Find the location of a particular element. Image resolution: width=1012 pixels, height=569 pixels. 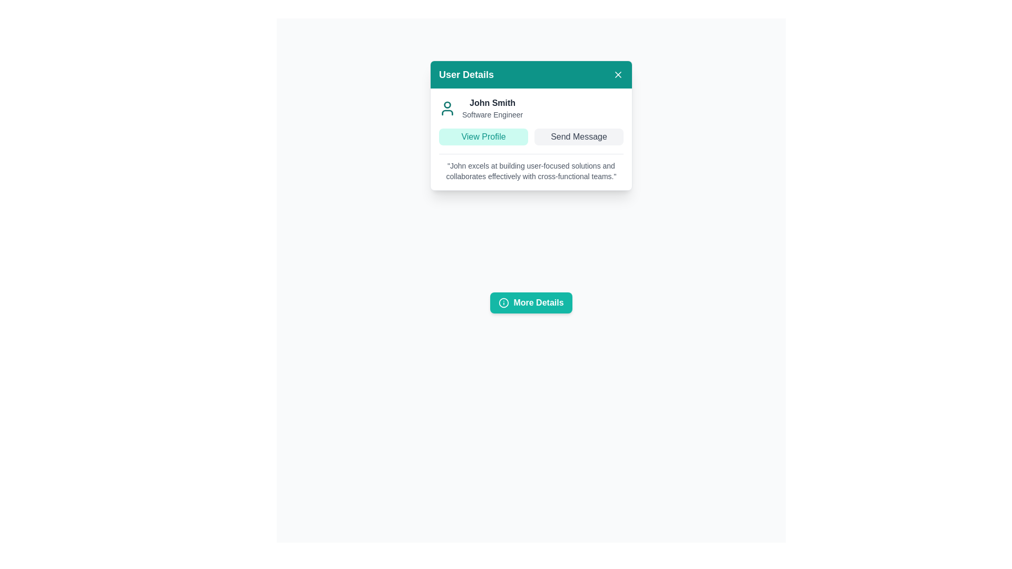

the button labeled 'More Details' with a teal-green background and an information icon is located at coordinates (531, 302).